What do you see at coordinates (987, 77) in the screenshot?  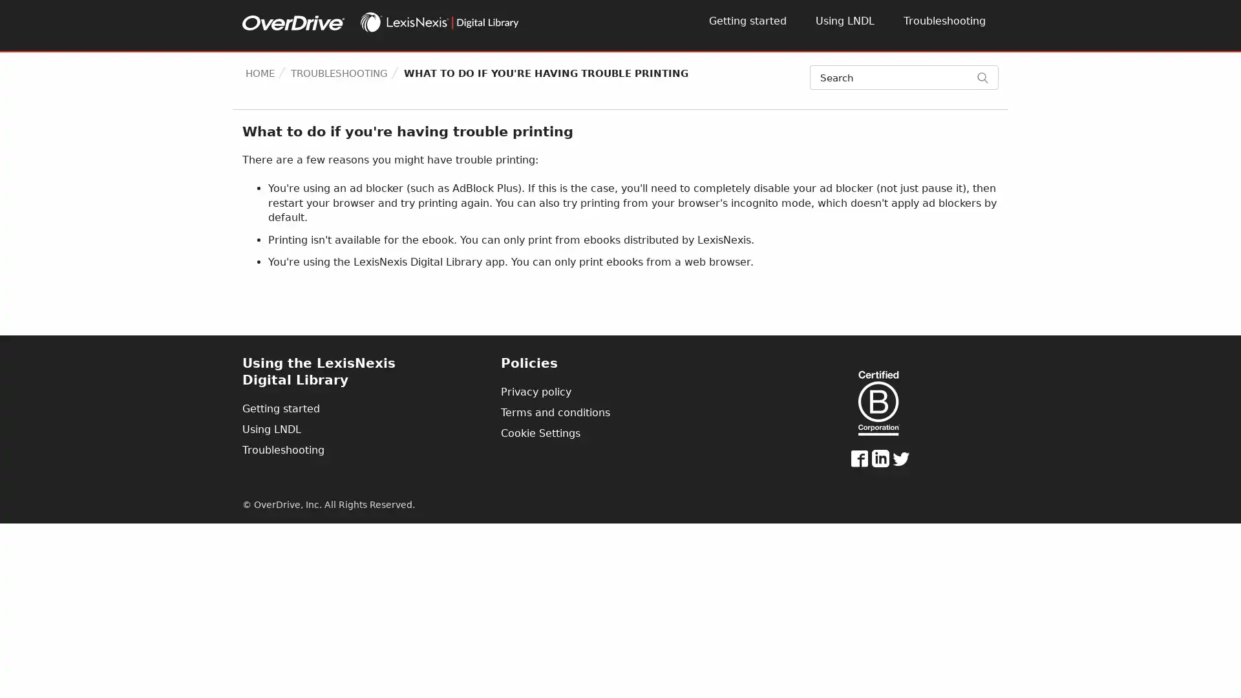 I see `Search` at bounding box center [987, 77].